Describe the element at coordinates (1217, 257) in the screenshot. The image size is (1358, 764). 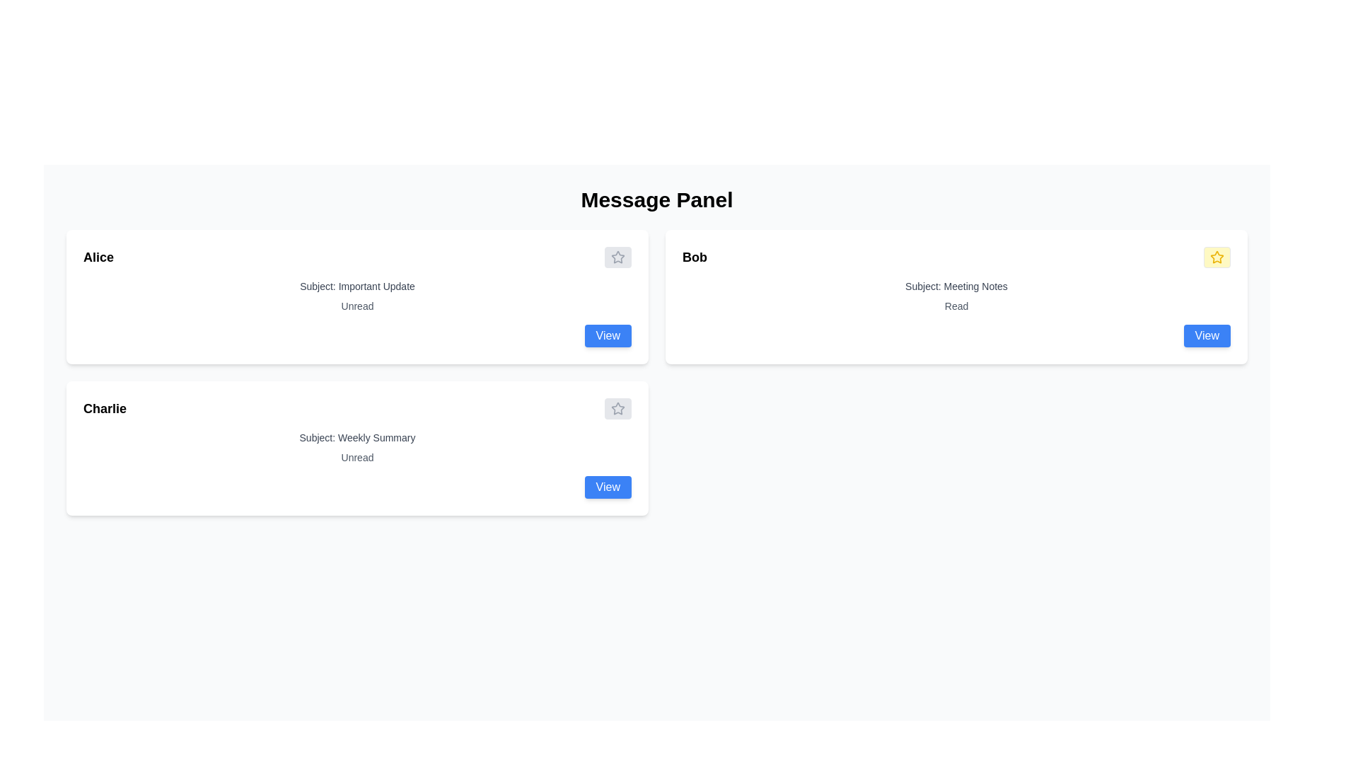
I see `the interactive star icon with a yellow fill located in the top-right corner relative` at that location.